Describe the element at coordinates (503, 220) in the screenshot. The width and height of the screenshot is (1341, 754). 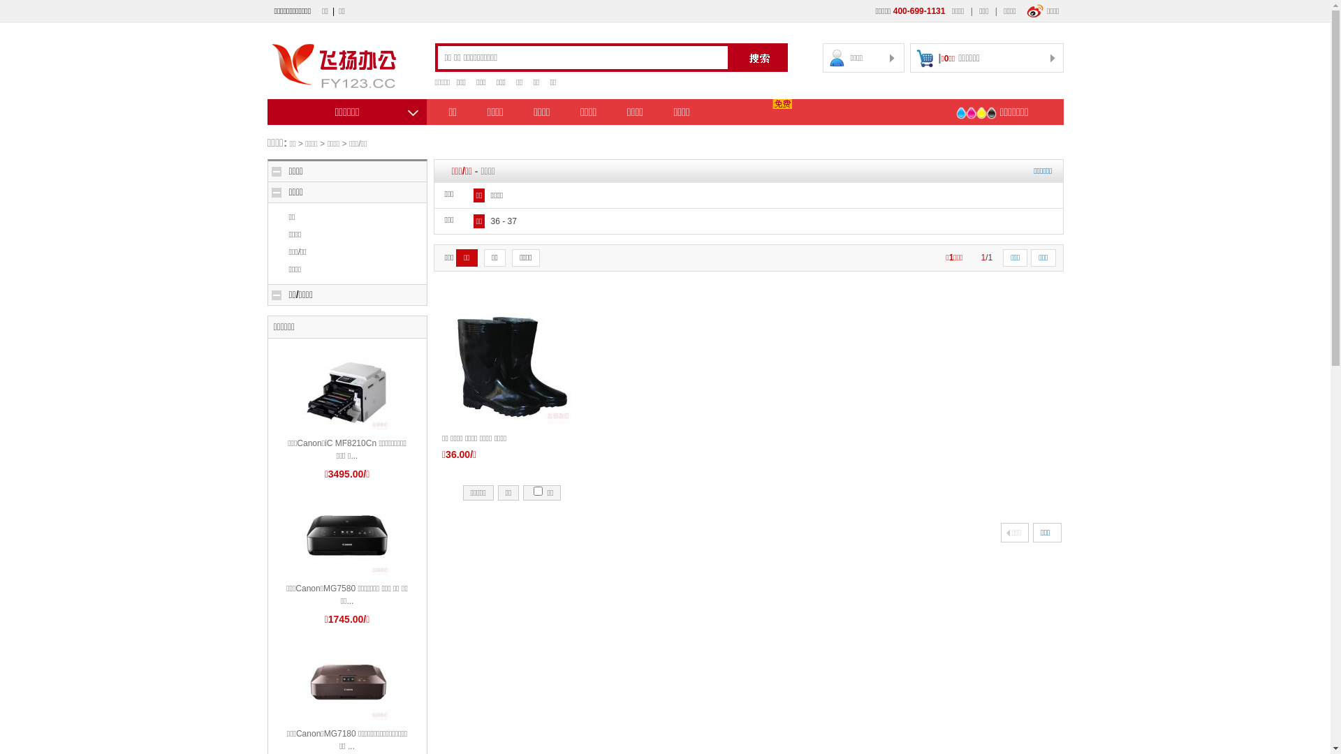
I see `'36 - 37'` at that location.